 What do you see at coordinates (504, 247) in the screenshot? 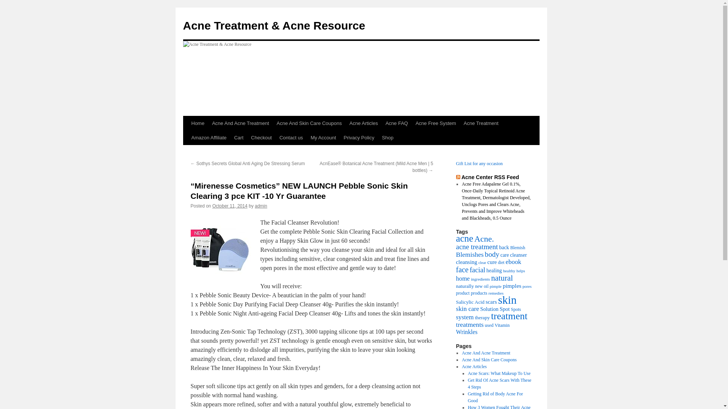
I see `'back'` at bounding box center [504, 247].